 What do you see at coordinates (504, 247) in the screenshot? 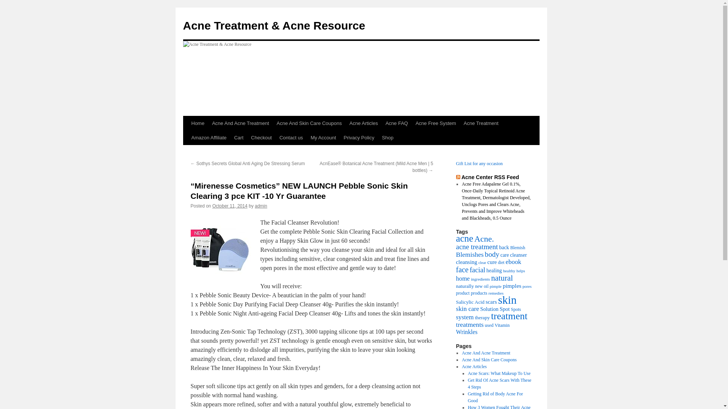
I see `'back'` at bounding box center [504, 247].